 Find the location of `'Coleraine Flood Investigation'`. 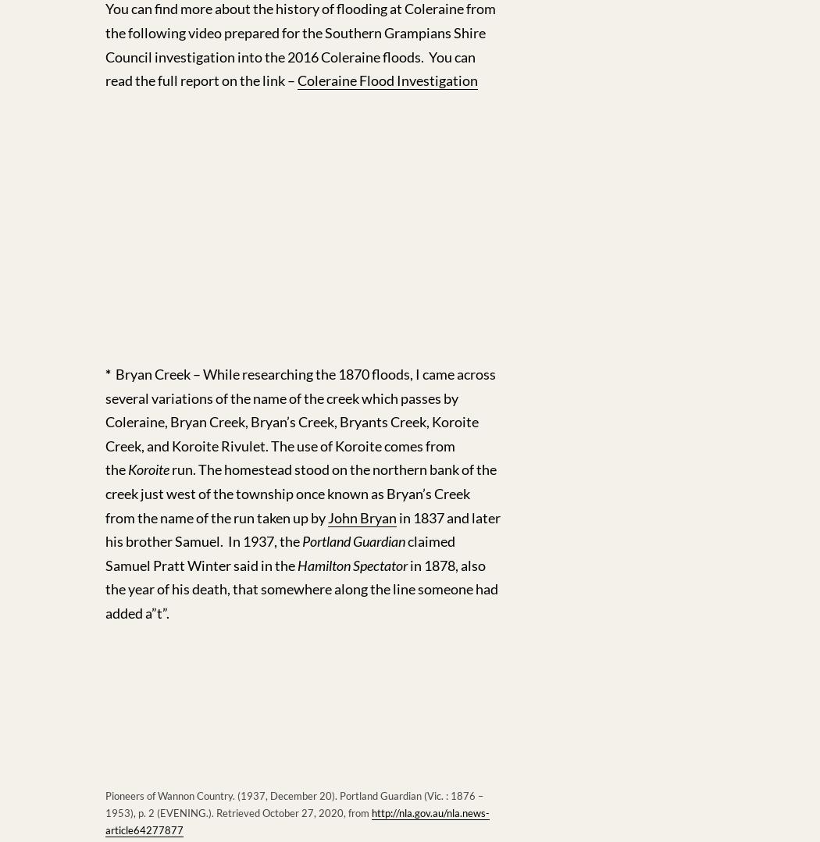

'Coleraine Flood Investigation' is located at coordinates (298, 79).